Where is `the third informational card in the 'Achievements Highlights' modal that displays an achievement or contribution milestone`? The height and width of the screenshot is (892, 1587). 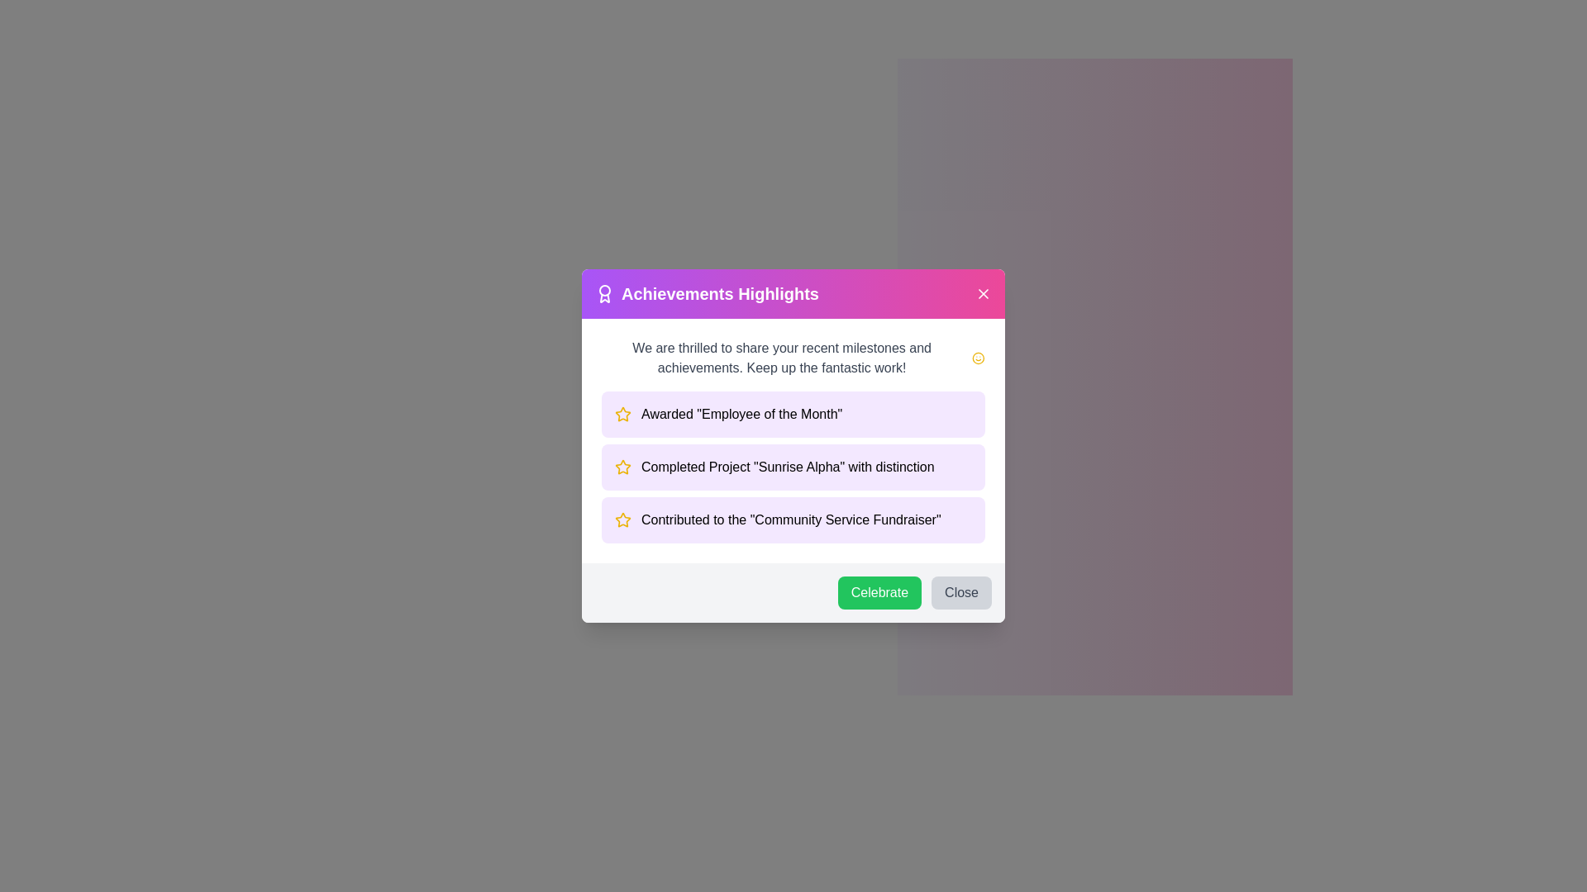
the third informational card in the 'Achievements Highlights' modal that displays an achievement or contribution milestone is located at coordinates (793, 519).